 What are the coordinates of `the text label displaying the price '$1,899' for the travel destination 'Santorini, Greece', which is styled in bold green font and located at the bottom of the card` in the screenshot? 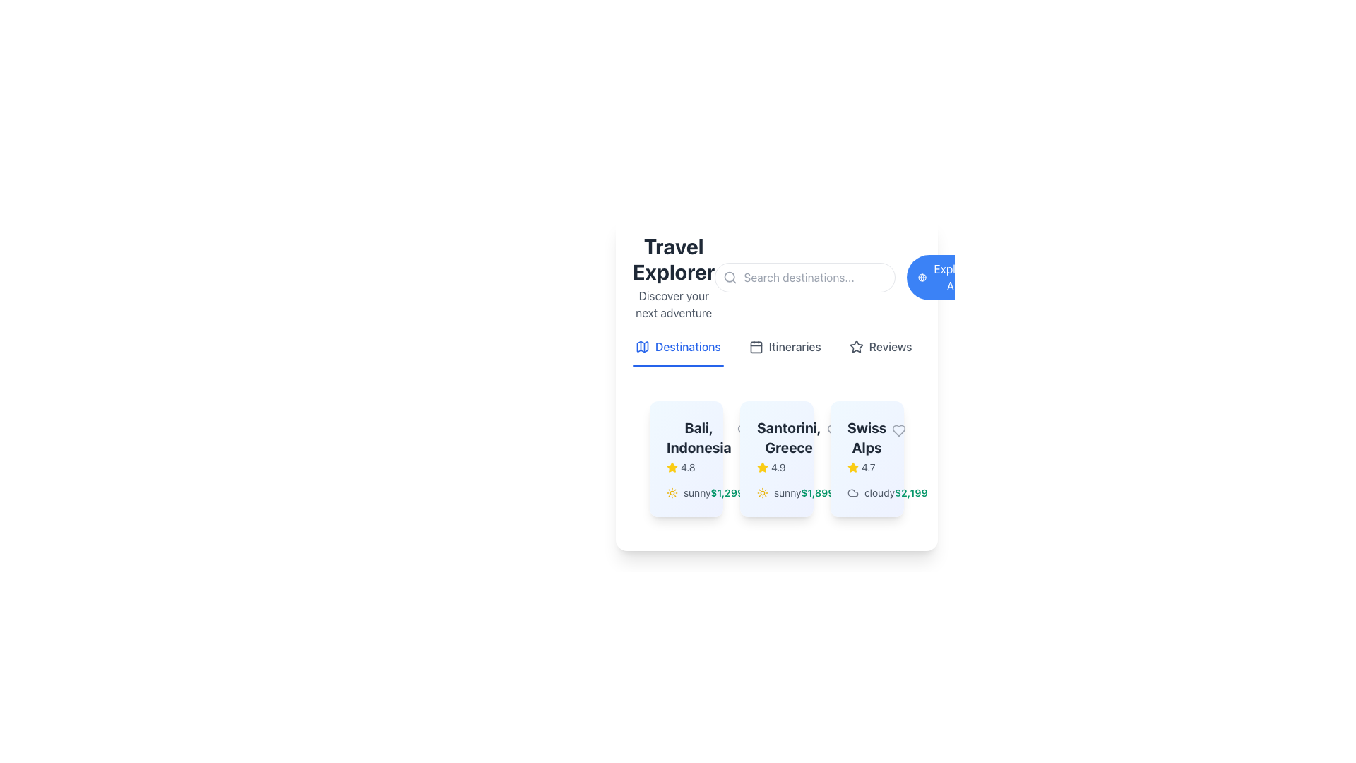 It's located at (817, 492).